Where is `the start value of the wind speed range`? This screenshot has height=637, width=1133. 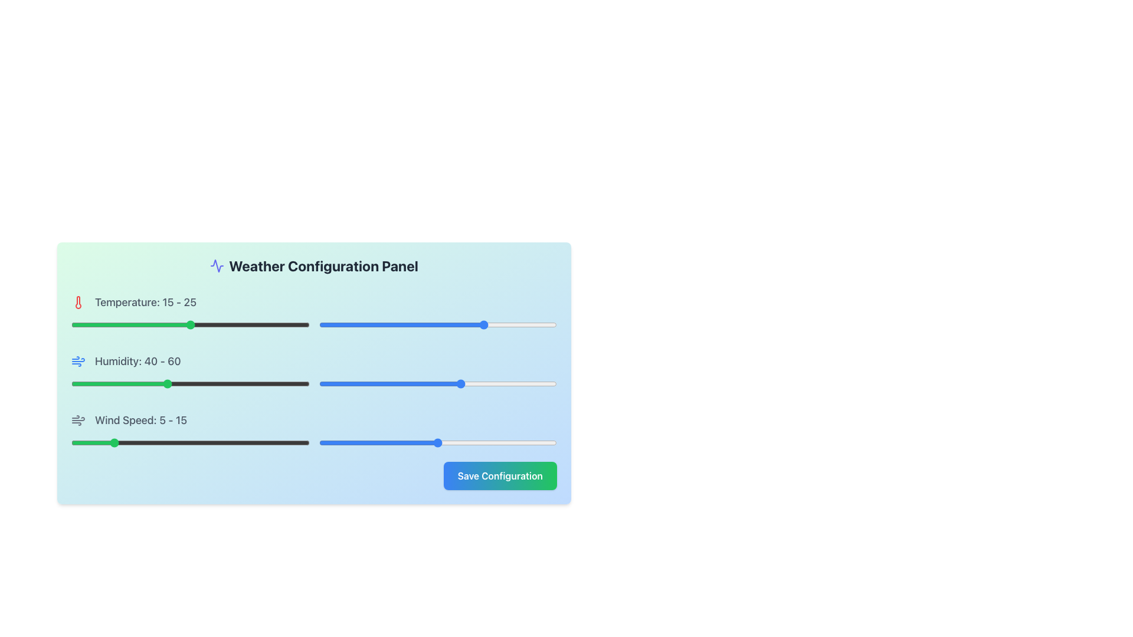
the start value of the wind speed range is located at coordinates (293, 443).